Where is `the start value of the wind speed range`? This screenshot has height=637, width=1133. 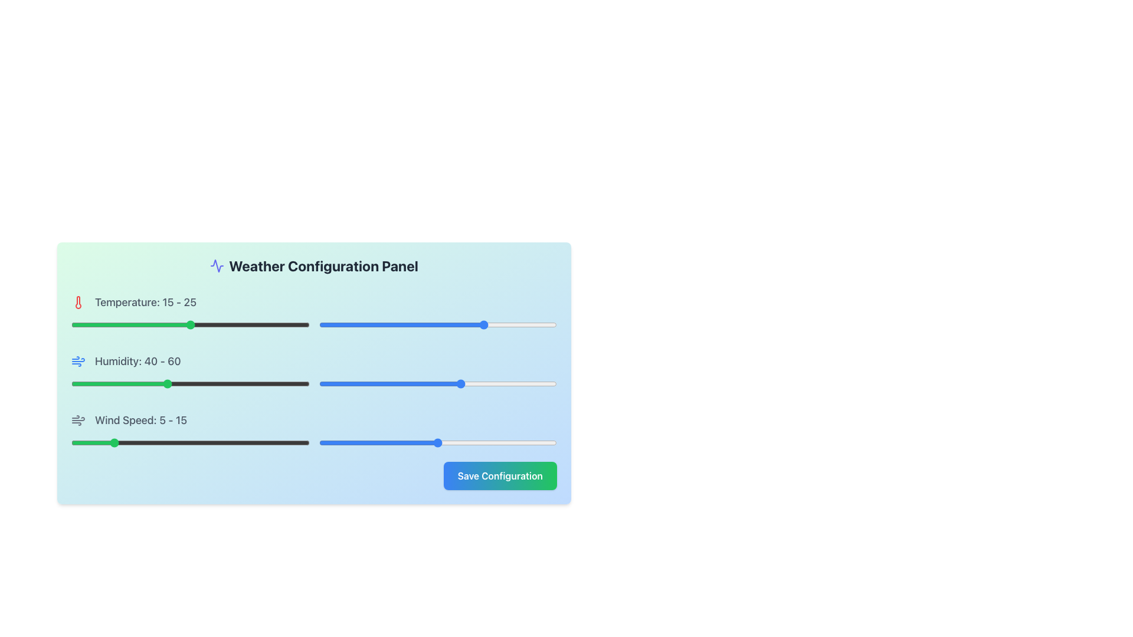
the start value of the wind speed range is located at coordinates (293, 443).